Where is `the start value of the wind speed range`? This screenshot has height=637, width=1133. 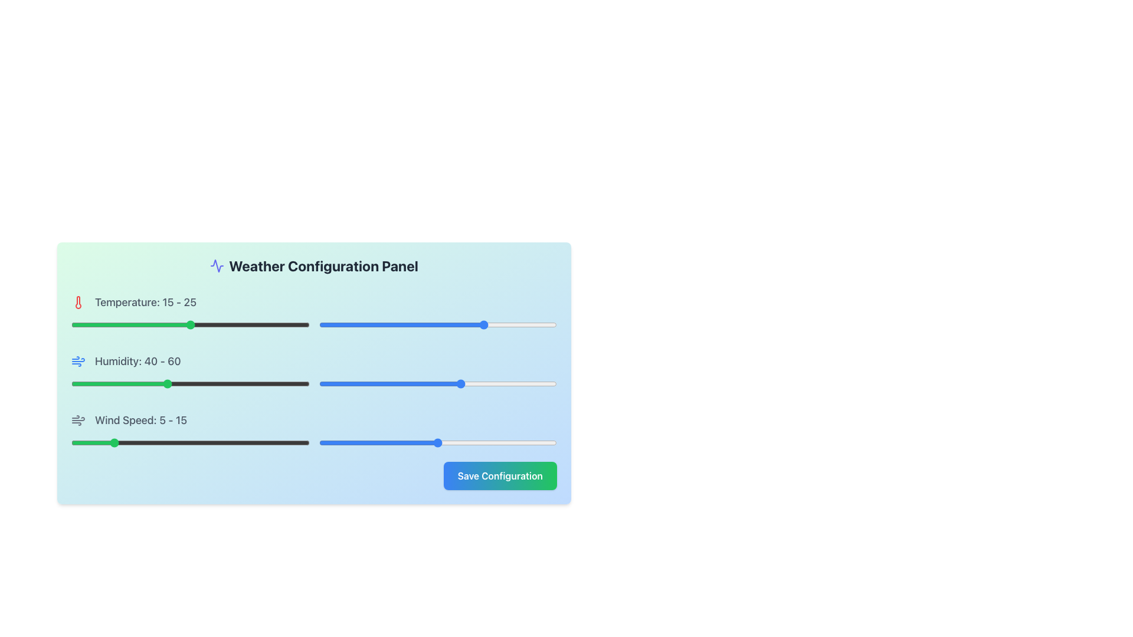
the start value of the wind speed range is located at coordinates (293, 443).